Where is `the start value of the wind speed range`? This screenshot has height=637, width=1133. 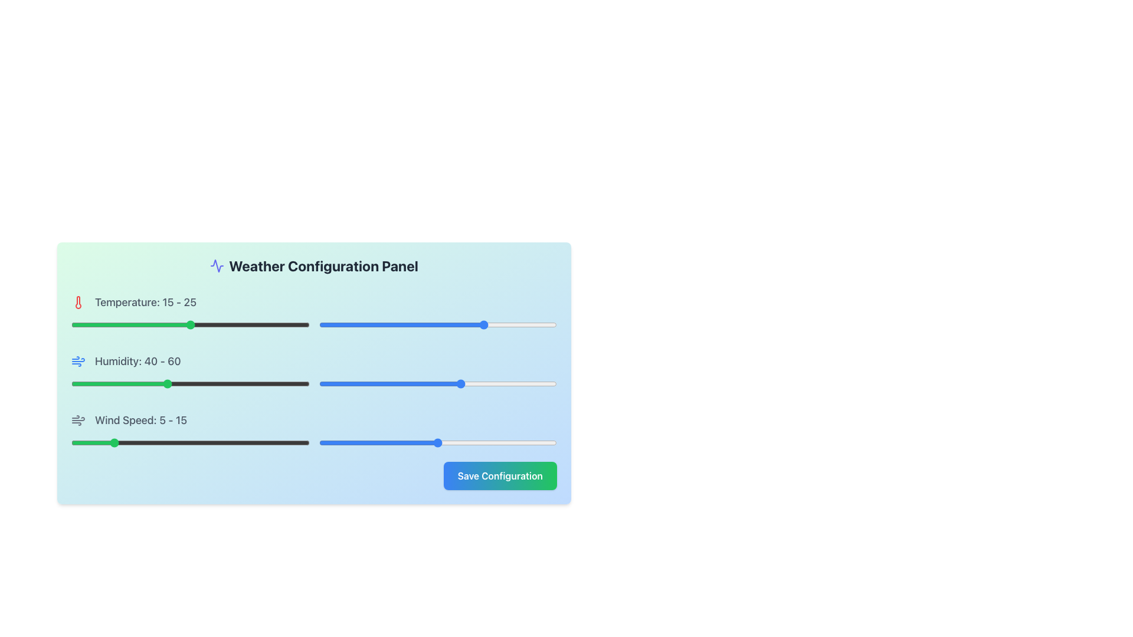
the start value of the wind speed range is located at coordinates (293, 443).